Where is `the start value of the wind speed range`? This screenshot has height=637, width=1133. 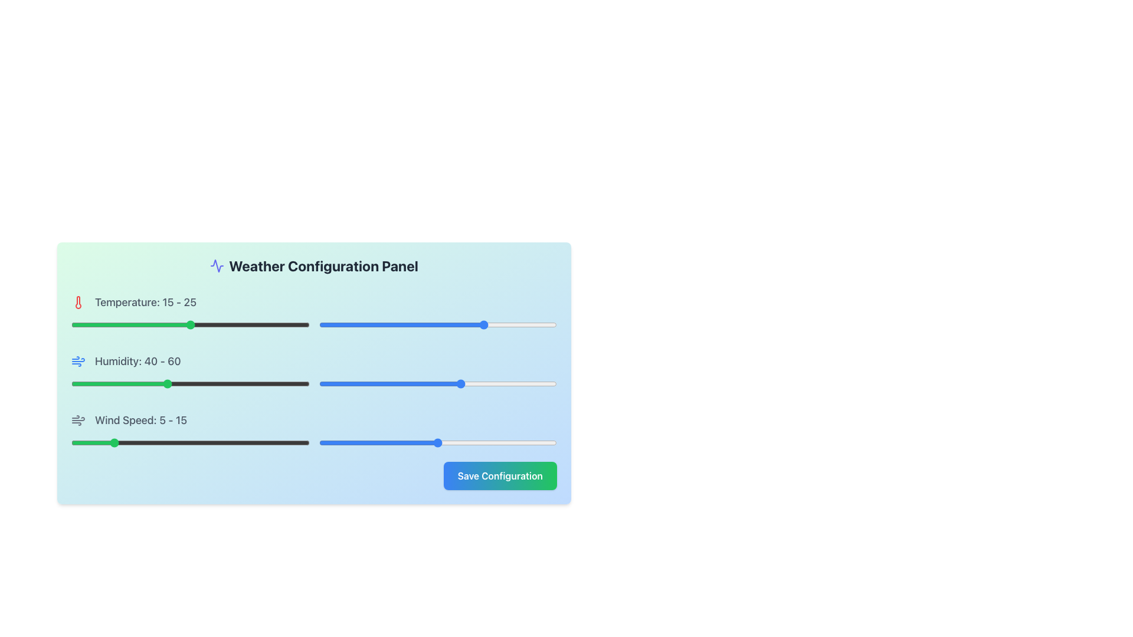
the start value of the wind speed range is located at coordinates (293, 443).